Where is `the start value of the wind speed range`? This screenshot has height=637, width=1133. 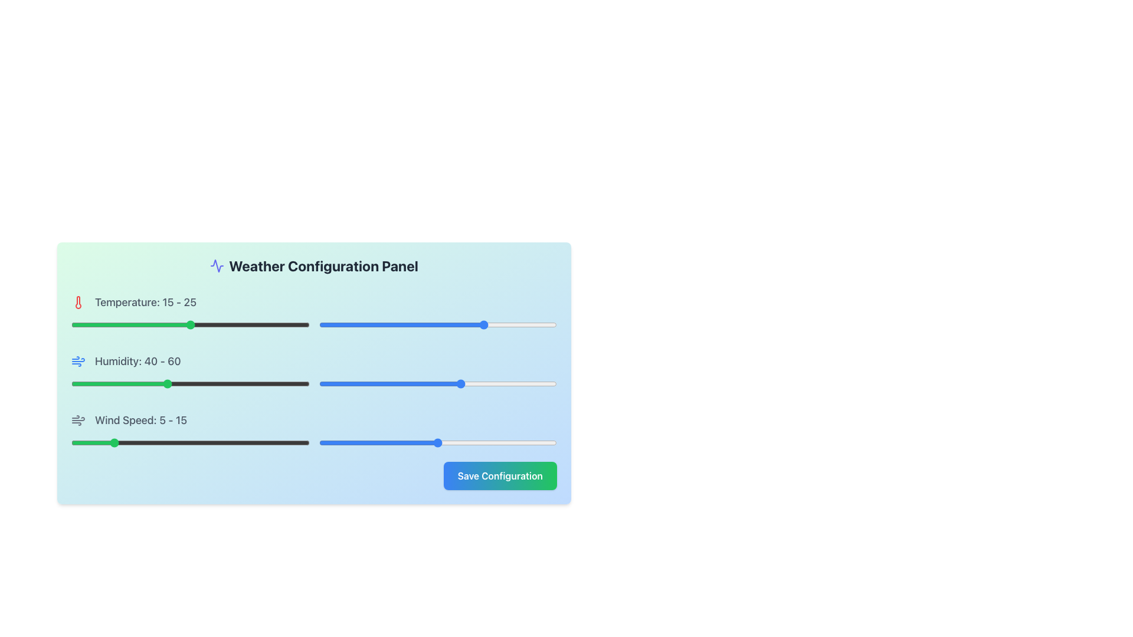
the start value of the wind speed range is located at coordinates (293, 443).